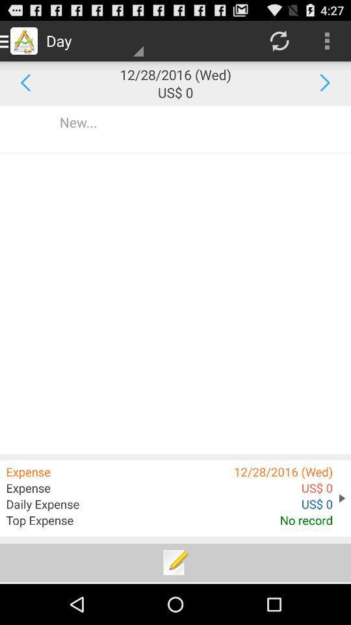 The width and height of the screenshot is (351, 625). I want to click on the arrow_forward icon, so click(324, 88).